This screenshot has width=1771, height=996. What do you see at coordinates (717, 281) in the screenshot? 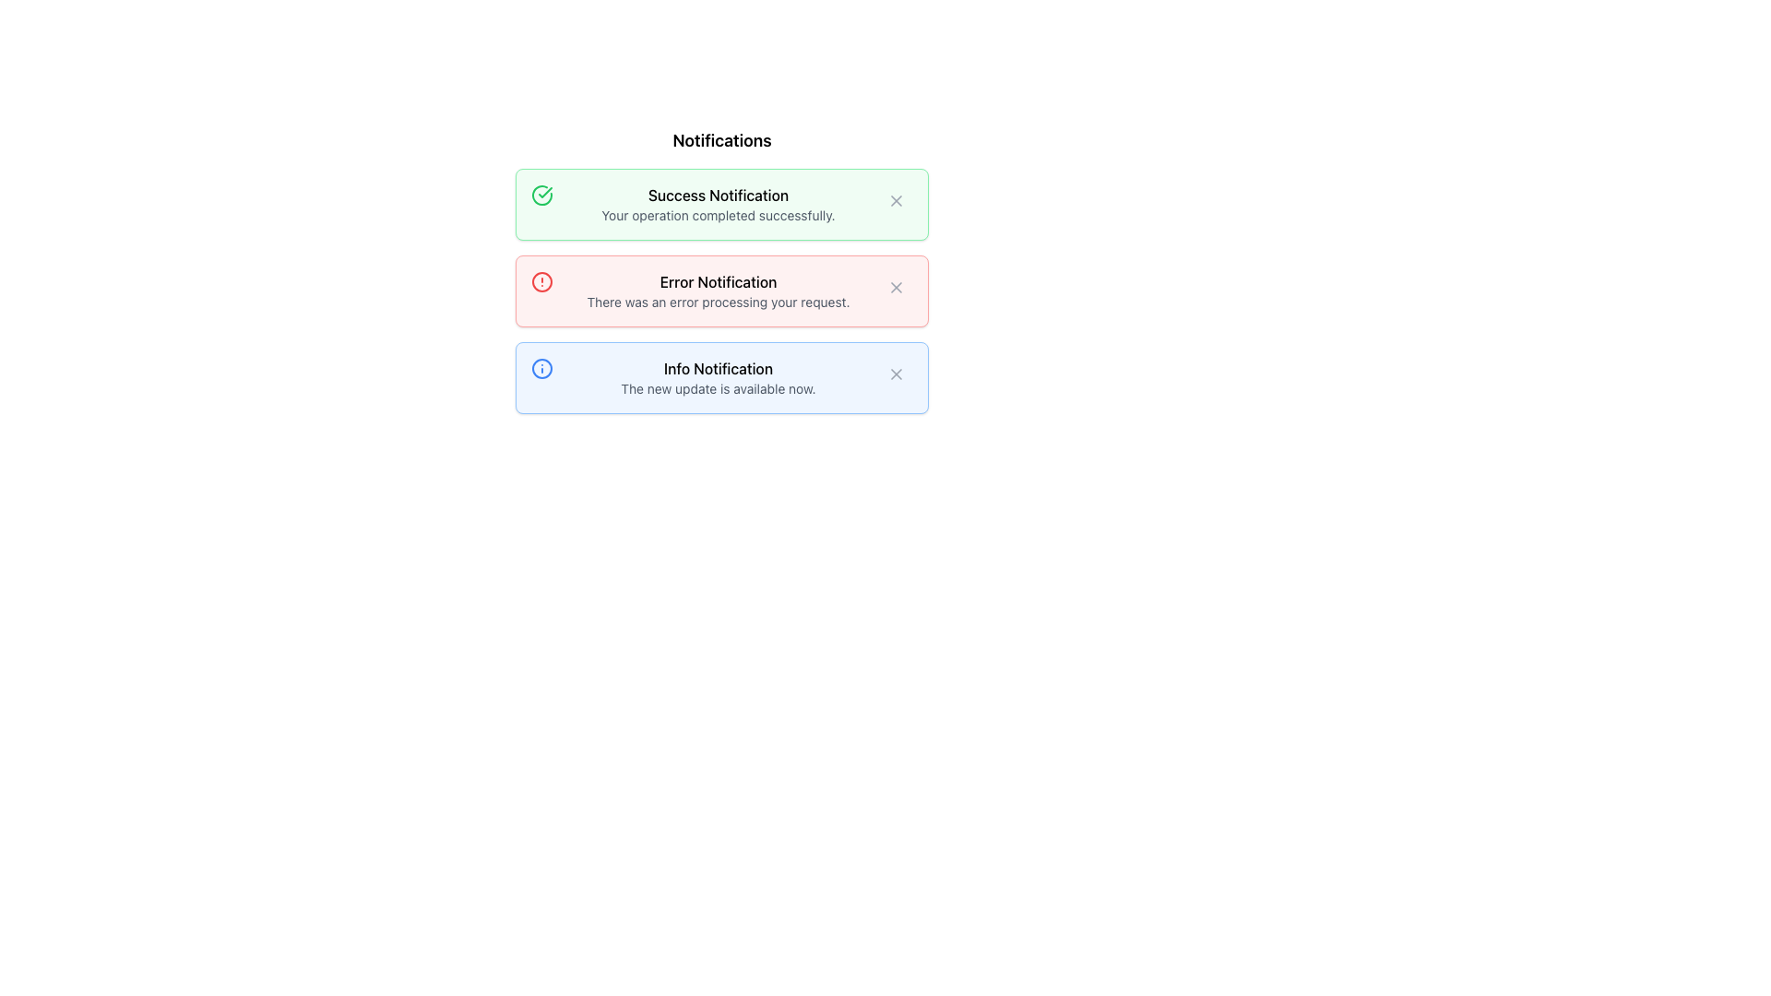
I see `the Text Header of the error notification` at bounding box center [717, 281].